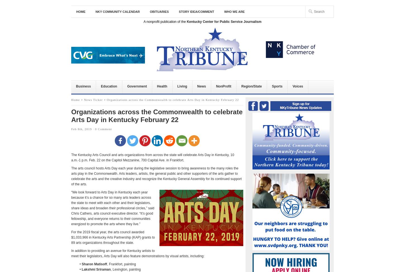  Describe the element at coordinates (109, 86) in the screenshot. I see `'Education'` at that location.